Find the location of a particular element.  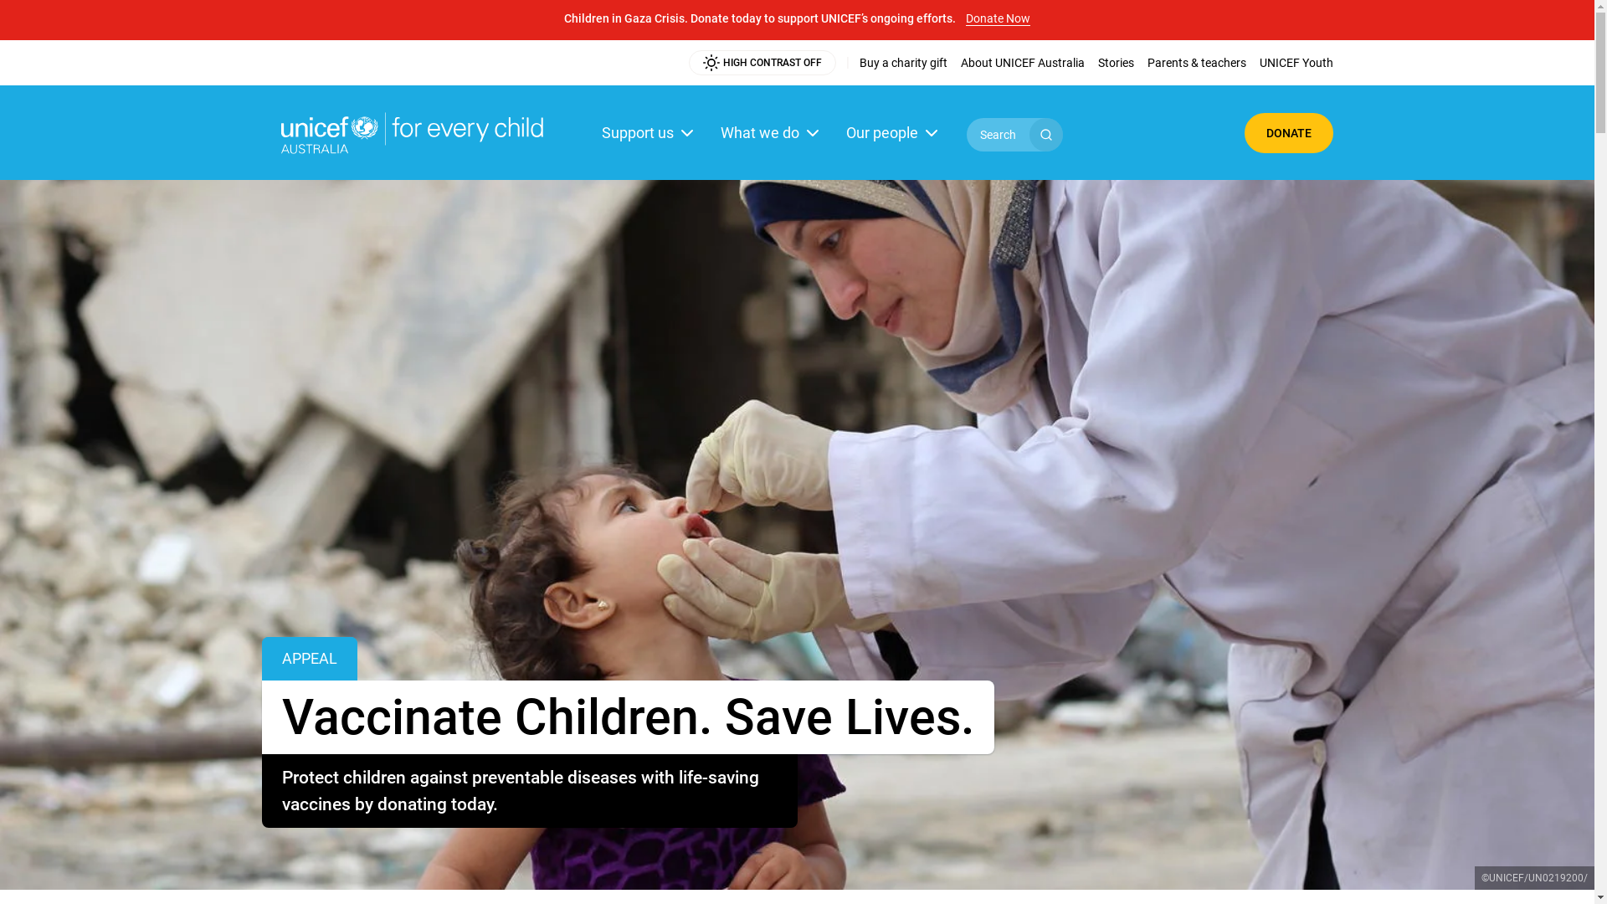

'UNICEF Youth' is located at coordinates (1295, 61).